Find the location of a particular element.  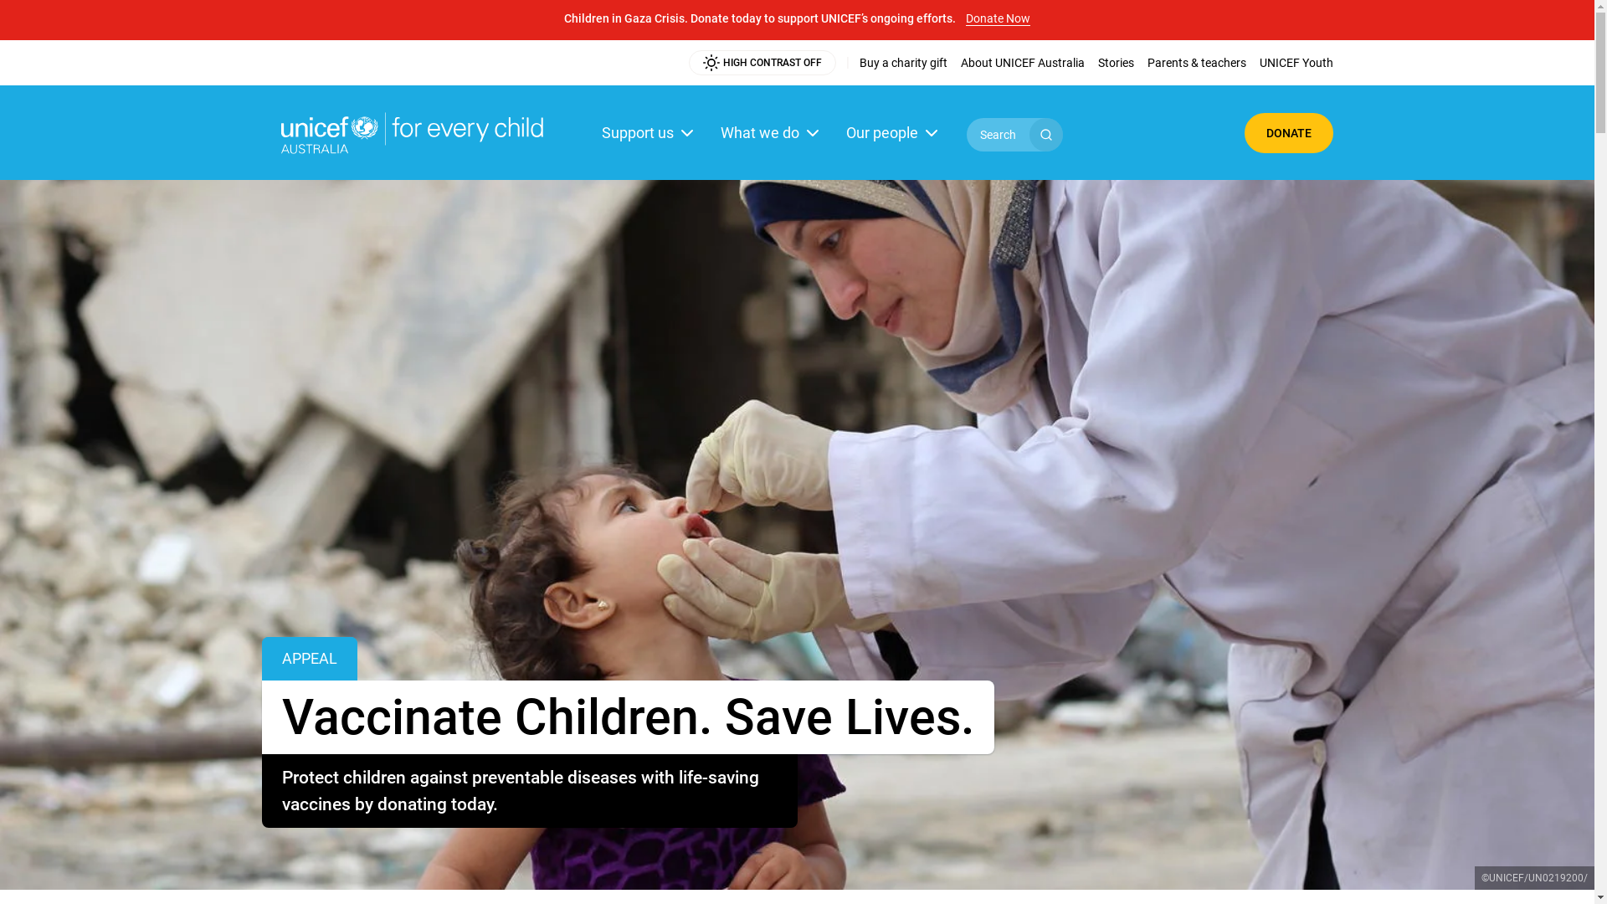

'UNICEF Youth' is located at coordinates (1295, 61).